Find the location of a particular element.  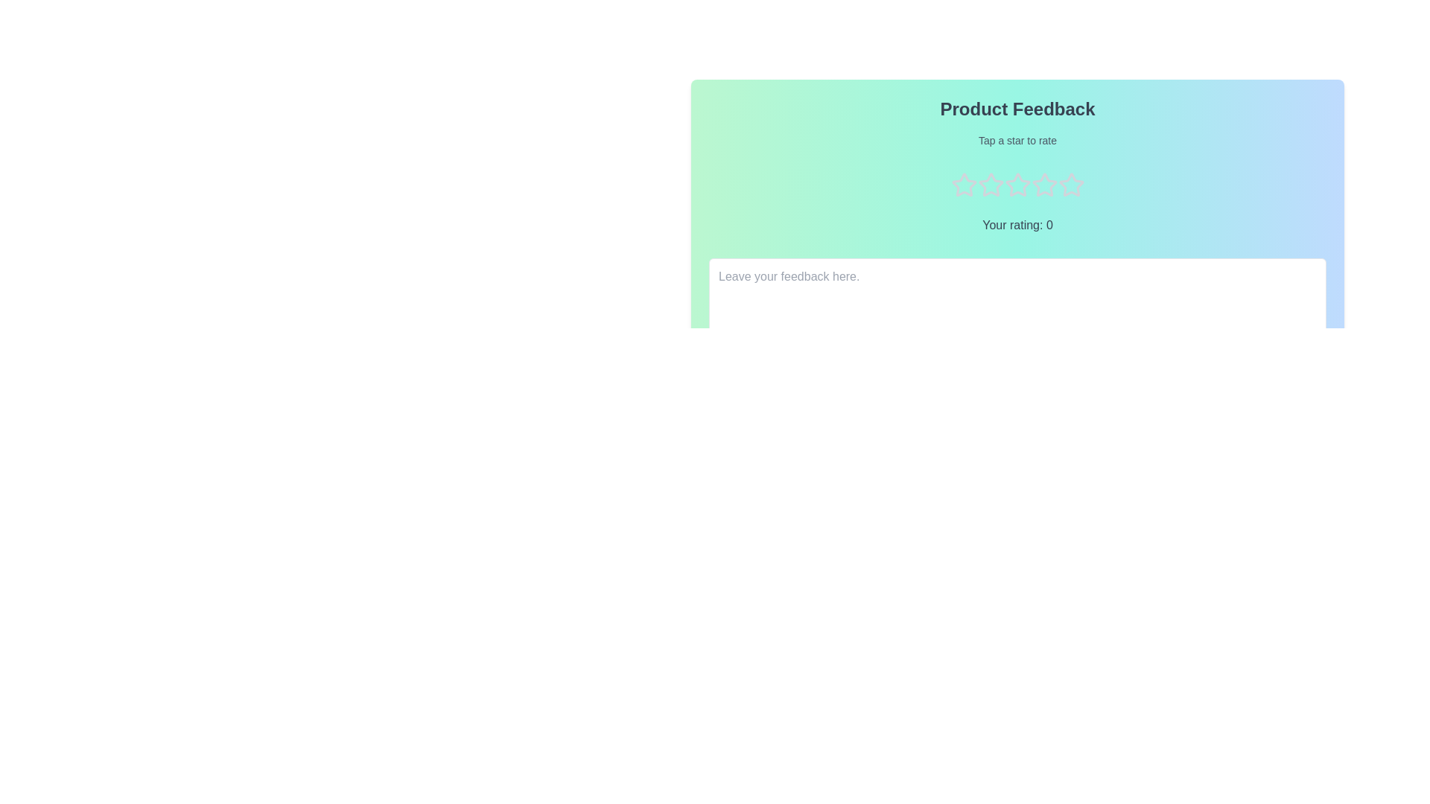

the feedback text area and type the desired feedback text is located at coordinates (1017, 299).